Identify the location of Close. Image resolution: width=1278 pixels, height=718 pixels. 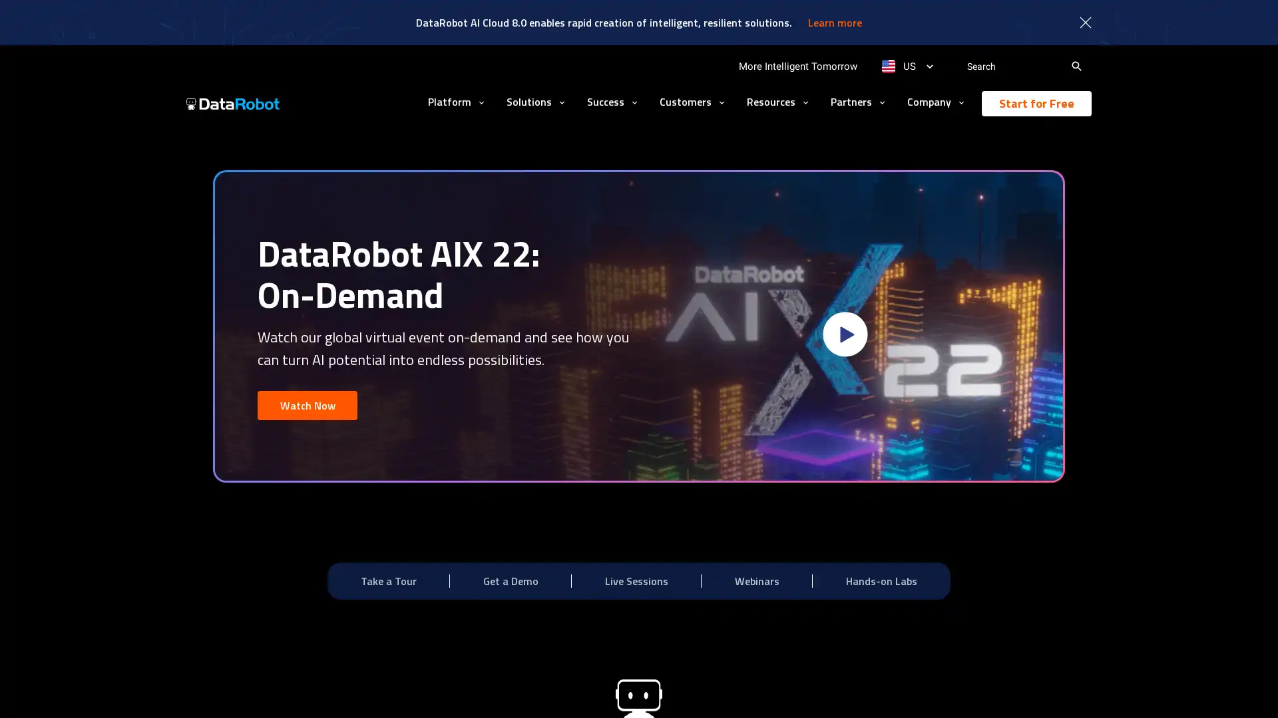
(1024, 688).